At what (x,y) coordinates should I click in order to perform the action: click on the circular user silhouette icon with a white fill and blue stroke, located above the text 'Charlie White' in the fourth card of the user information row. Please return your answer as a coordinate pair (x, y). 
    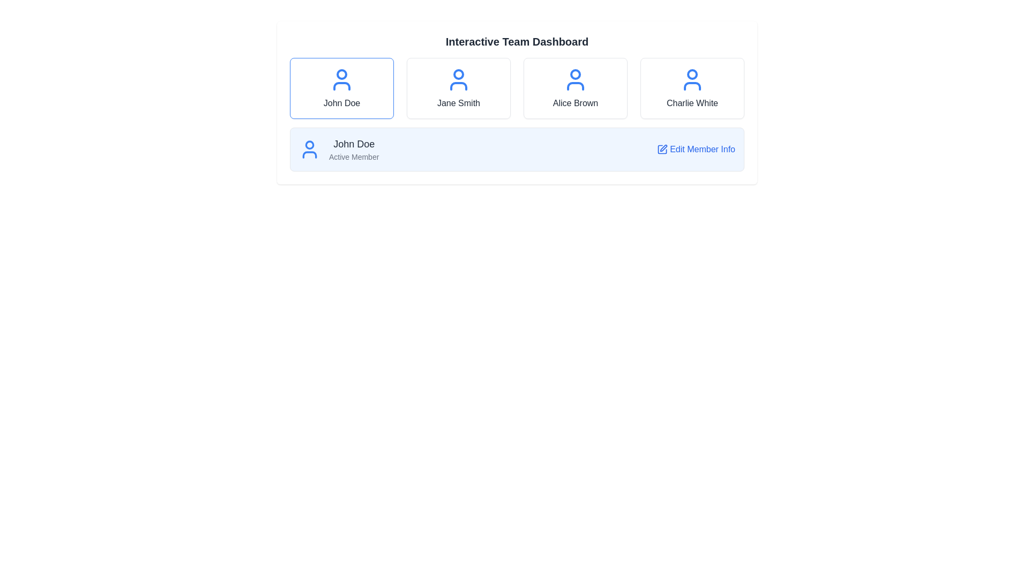
    Looking at the image, I should click on (692, 79).